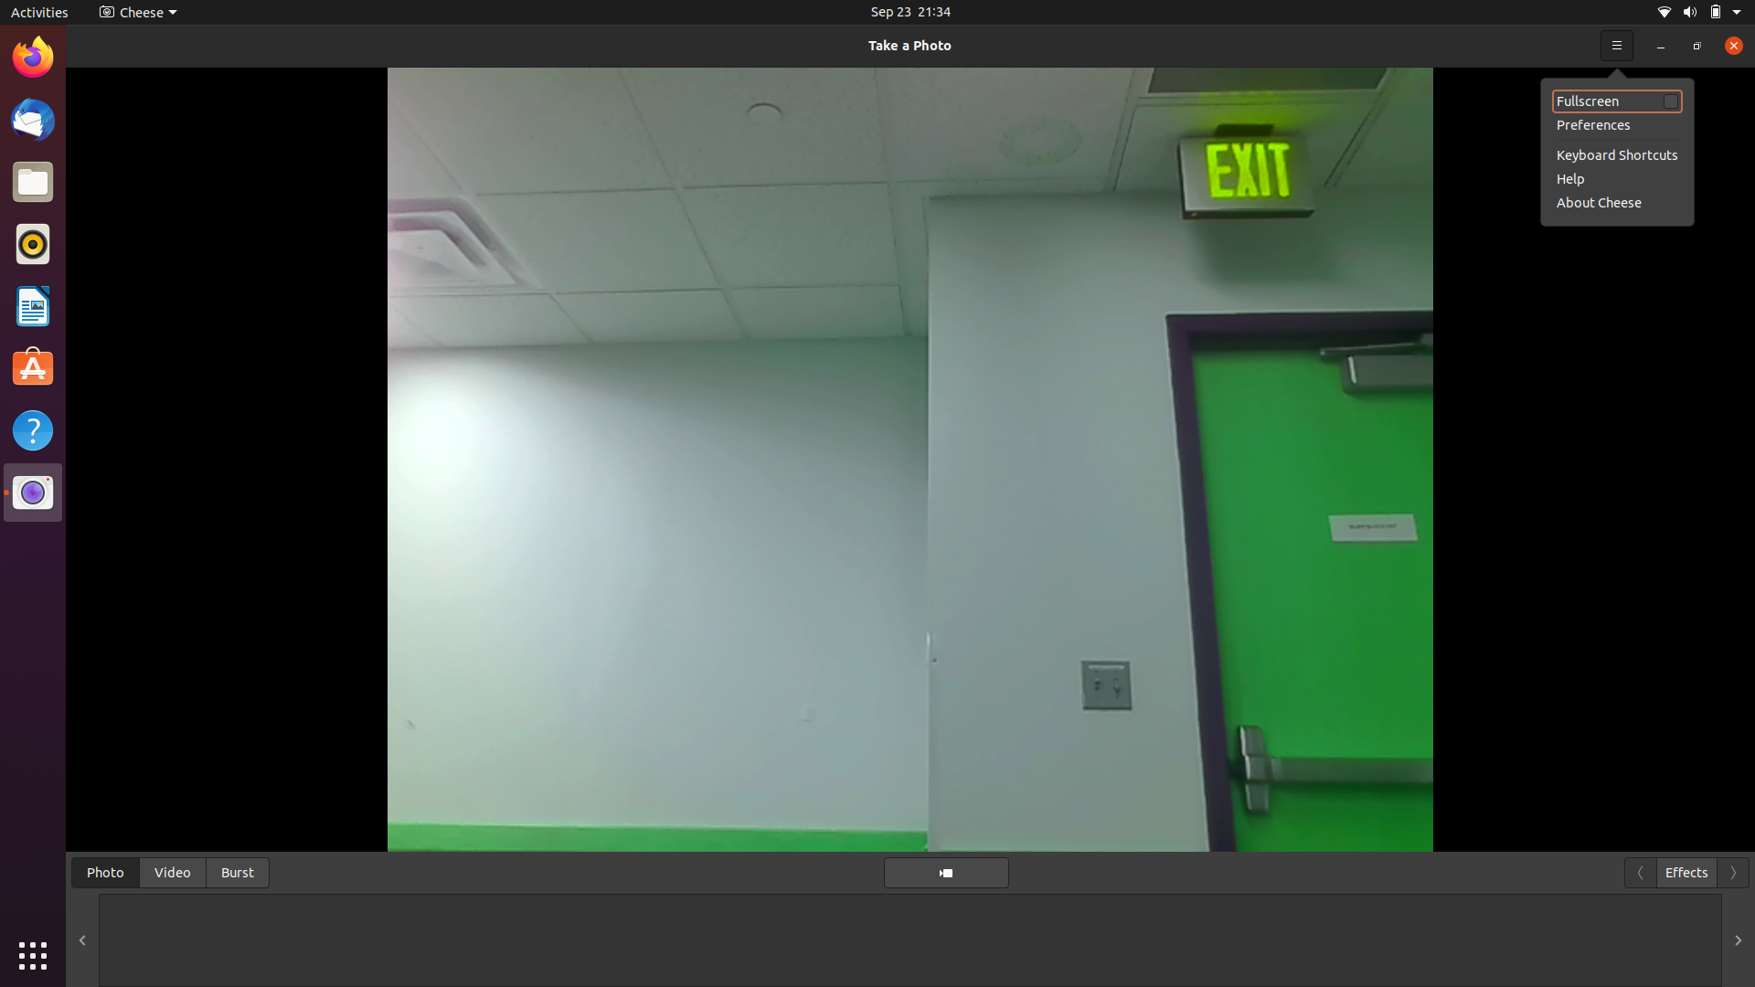 The width and height of the screenshot is (1755, 987). I want to click on keyboard shortcuts list, so click(1617, 43).